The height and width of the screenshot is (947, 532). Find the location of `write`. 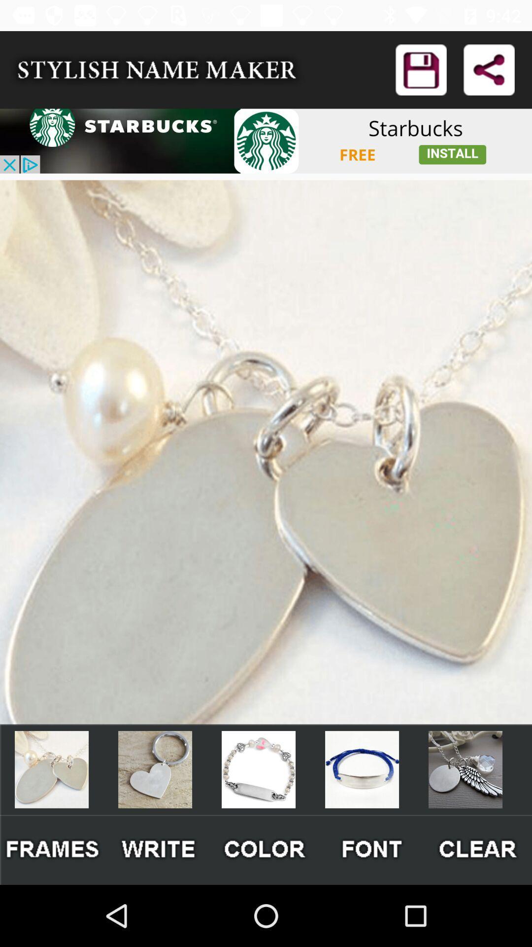

write is located at coordinates (159, 849).